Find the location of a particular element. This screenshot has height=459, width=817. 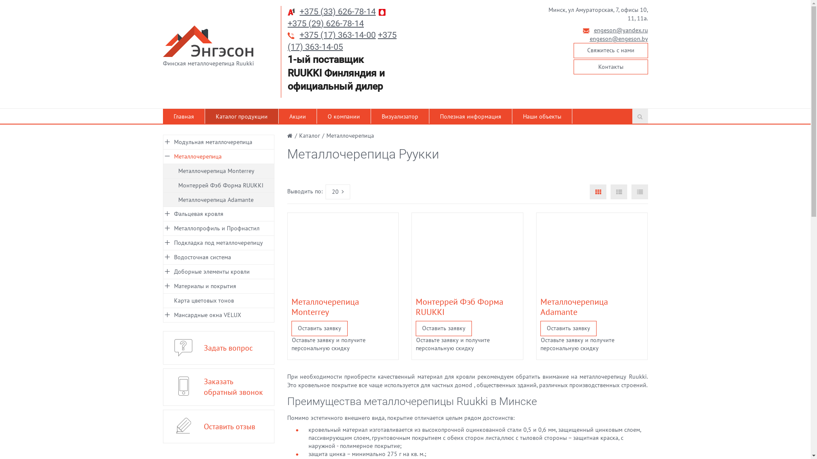

'+375 (33) 626-78-14' is located at coordinates (337, 11).